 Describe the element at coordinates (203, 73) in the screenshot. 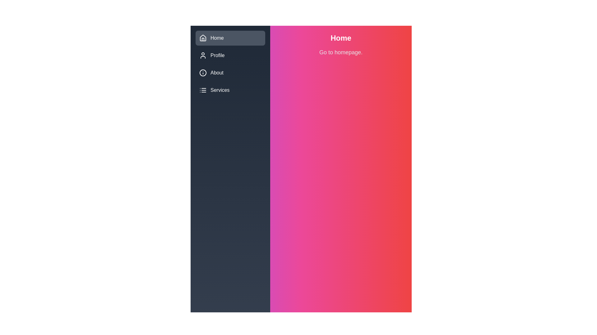

I see `the menu item corresponding to About` at that location.